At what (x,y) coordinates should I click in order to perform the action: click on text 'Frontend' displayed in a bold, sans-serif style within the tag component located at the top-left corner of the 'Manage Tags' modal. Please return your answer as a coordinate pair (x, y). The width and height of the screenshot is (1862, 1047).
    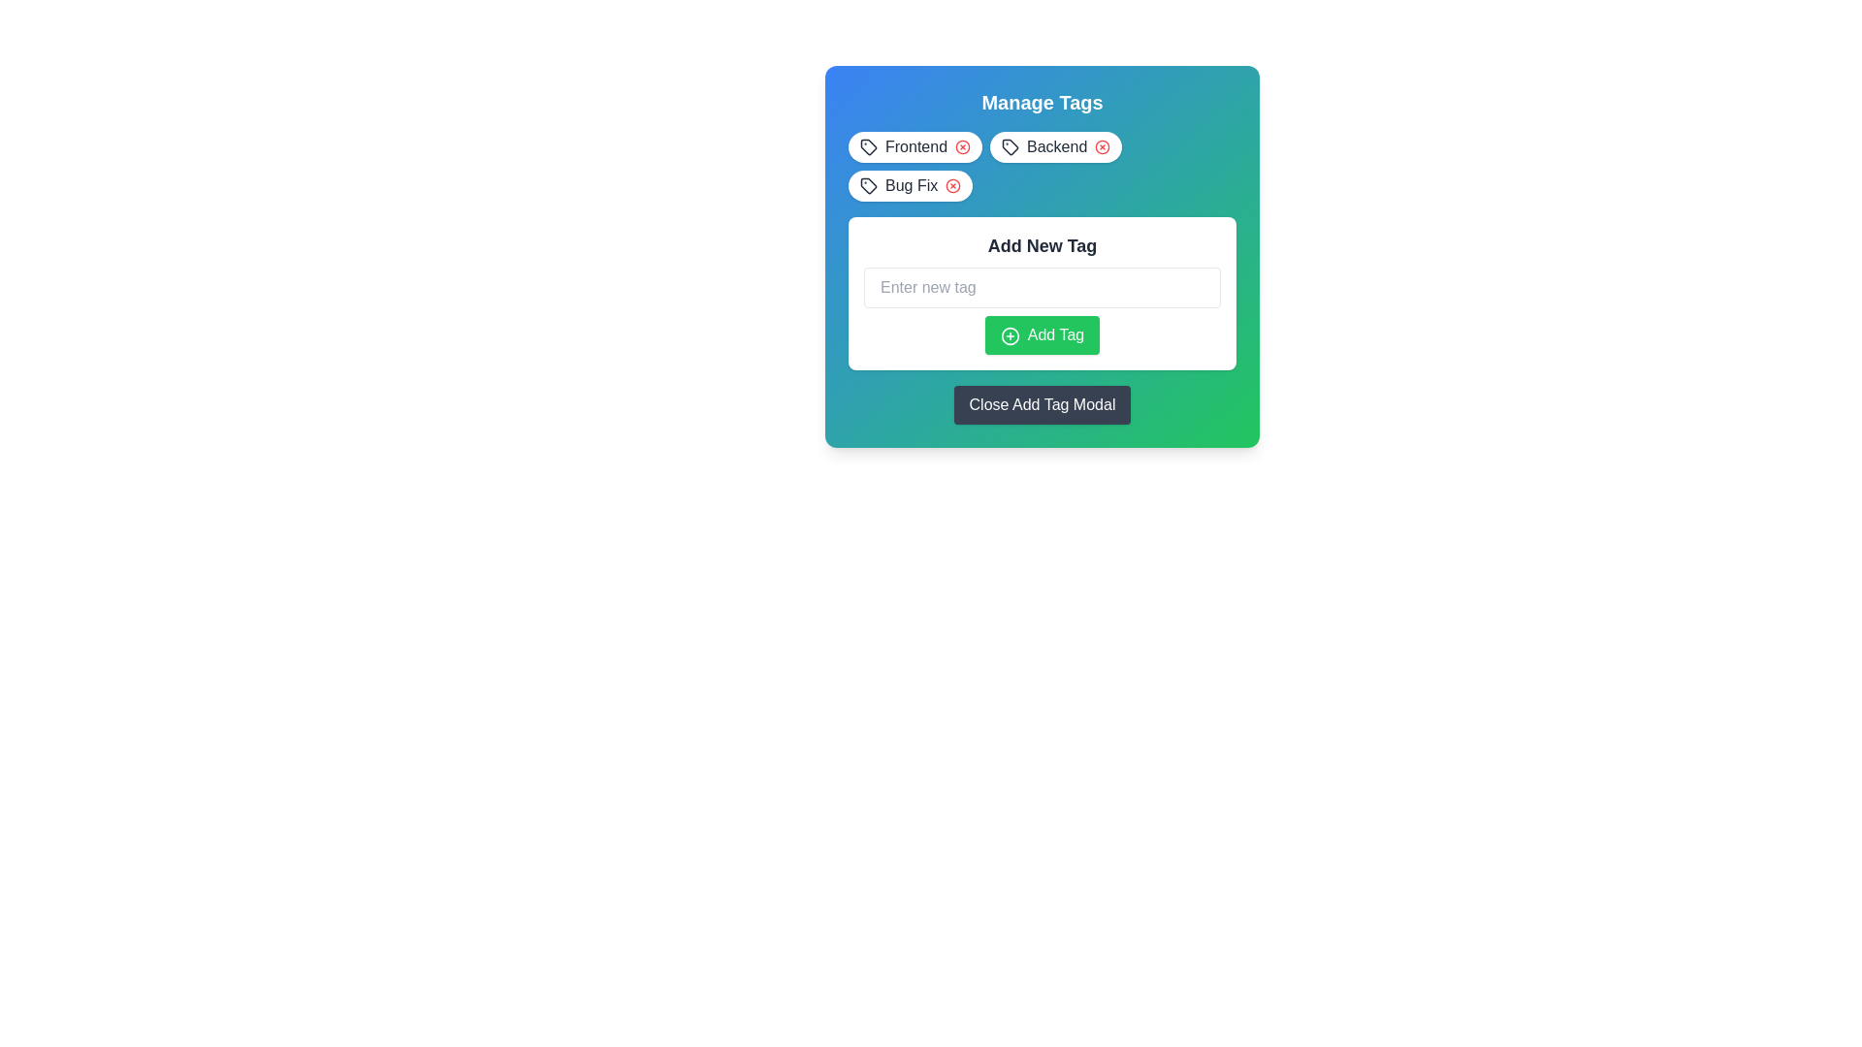
    Looking at the image, I should click on (915, 145).